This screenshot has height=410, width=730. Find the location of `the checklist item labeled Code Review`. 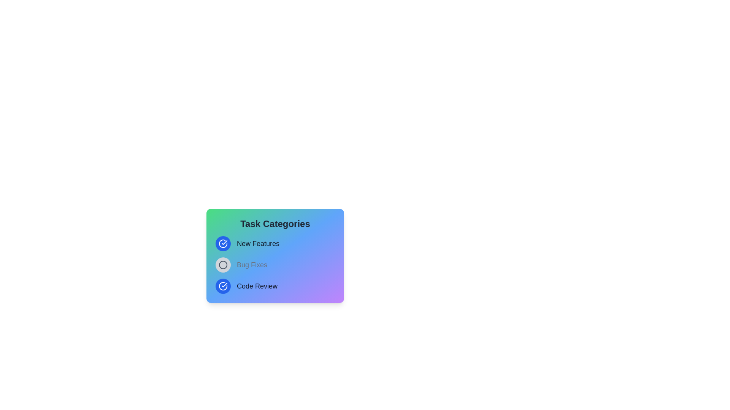

the checklist item labeled Code Review is located at coordinates (222, 286).